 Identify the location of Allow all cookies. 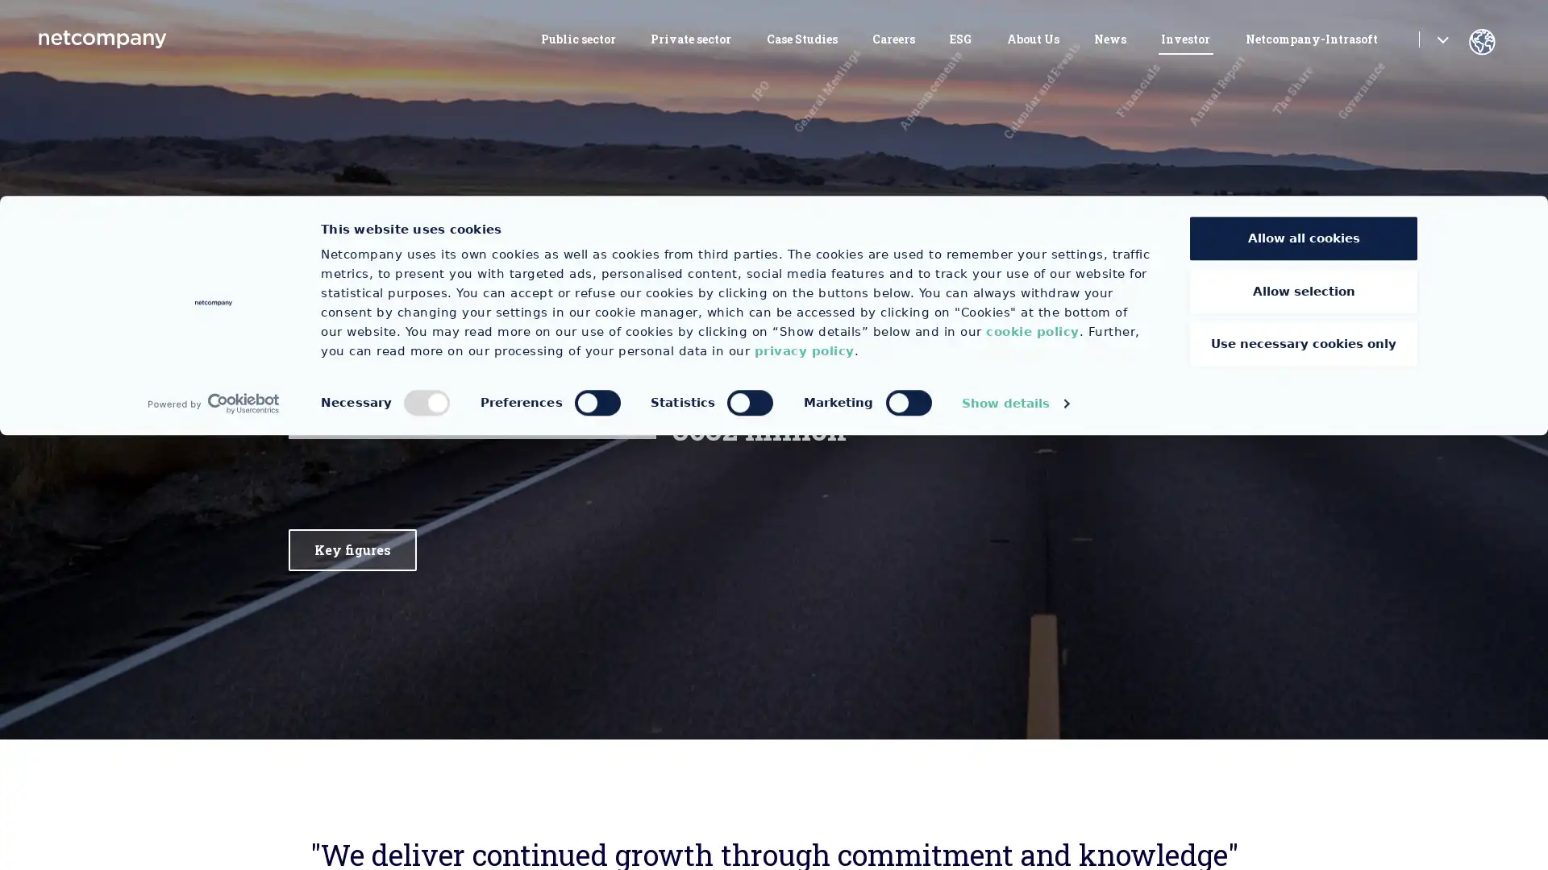
(1304, 673).